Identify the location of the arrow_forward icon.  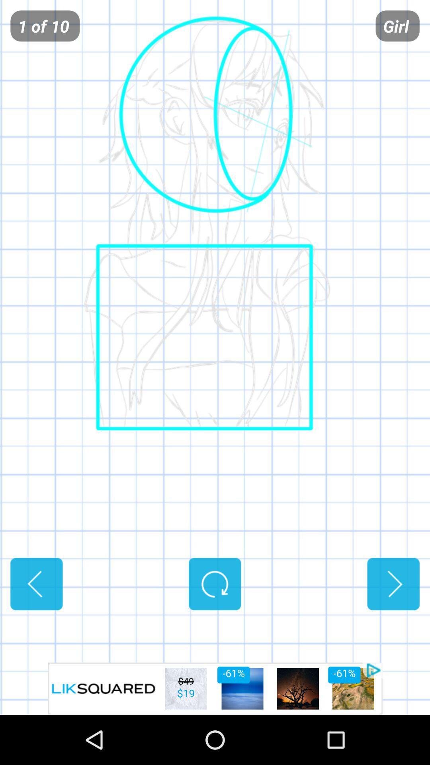
(393, 624).